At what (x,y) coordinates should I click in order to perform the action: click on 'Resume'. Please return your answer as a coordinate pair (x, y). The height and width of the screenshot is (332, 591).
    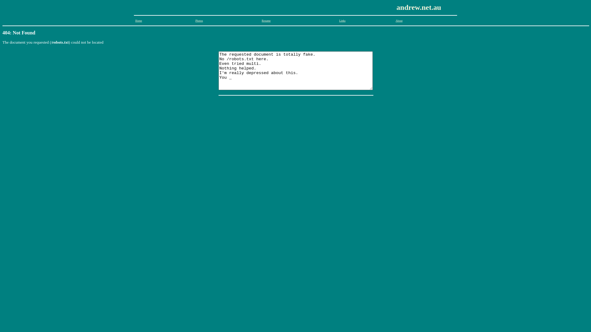
    Looking at the image, I should click on (261, 20).